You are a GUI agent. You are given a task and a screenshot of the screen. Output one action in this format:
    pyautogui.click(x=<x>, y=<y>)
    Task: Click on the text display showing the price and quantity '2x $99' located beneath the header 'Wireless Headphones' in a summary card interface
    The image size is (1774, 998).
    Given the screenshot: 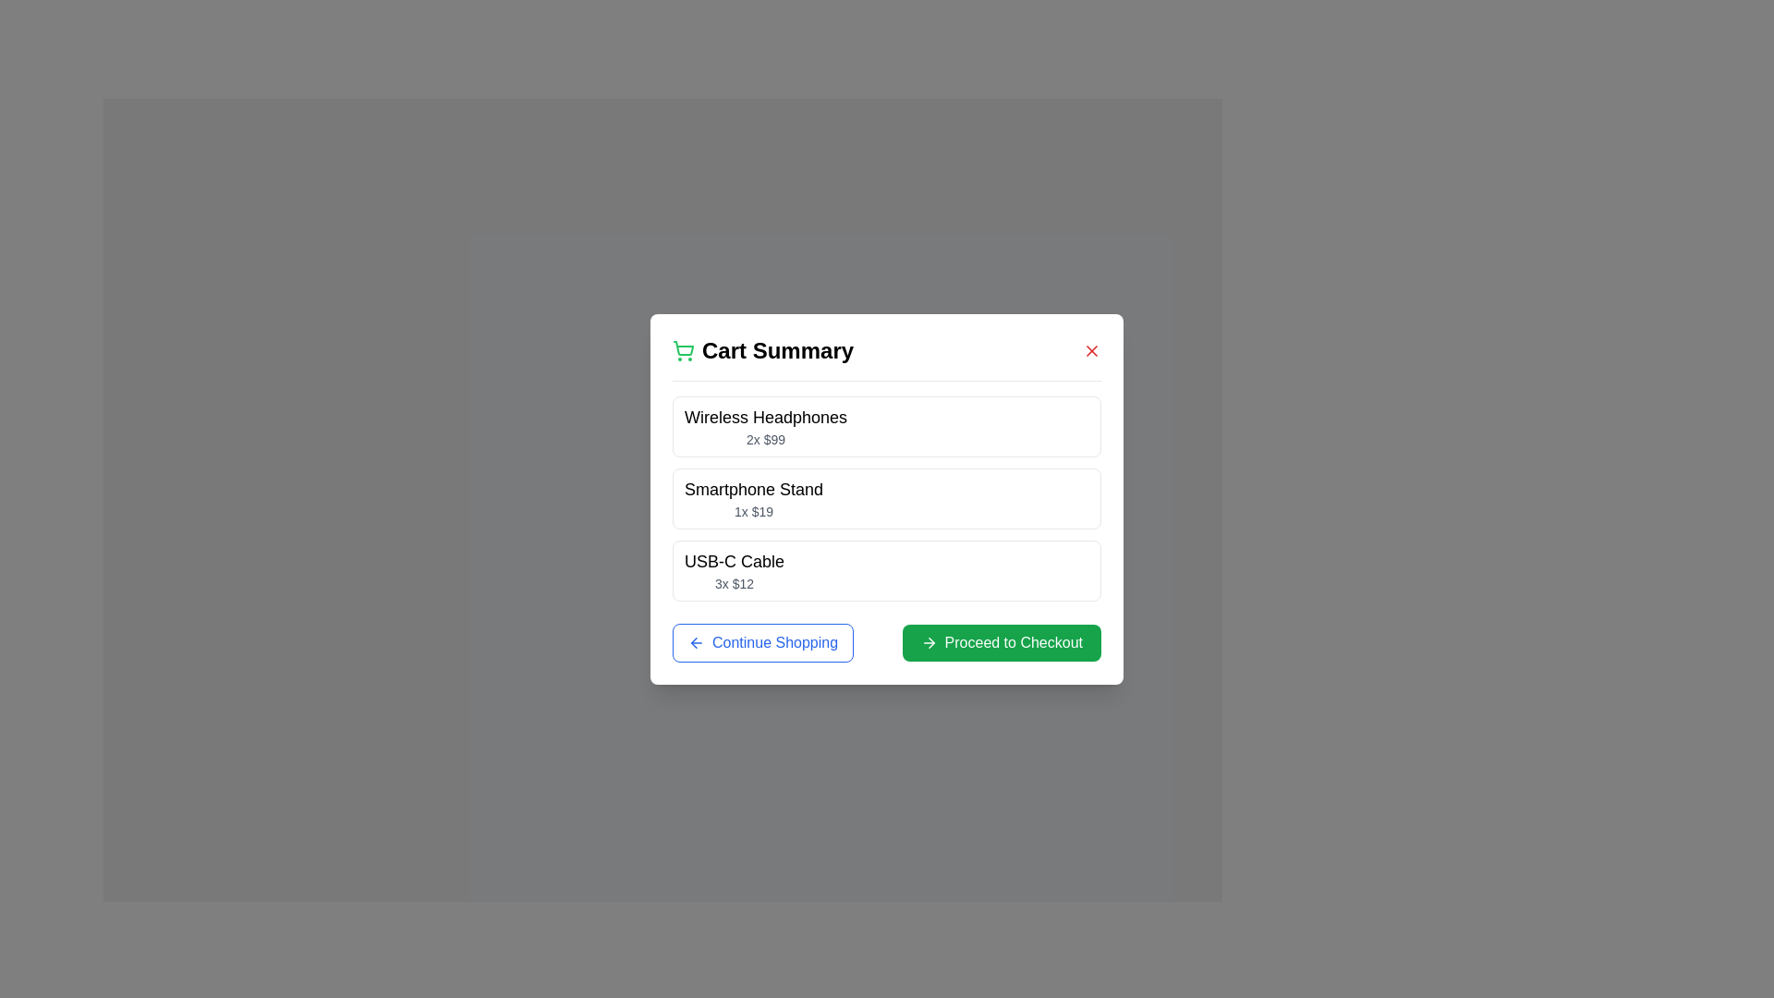 What is the action you would take?
    pyautogui.click(x=766, y=439)
    